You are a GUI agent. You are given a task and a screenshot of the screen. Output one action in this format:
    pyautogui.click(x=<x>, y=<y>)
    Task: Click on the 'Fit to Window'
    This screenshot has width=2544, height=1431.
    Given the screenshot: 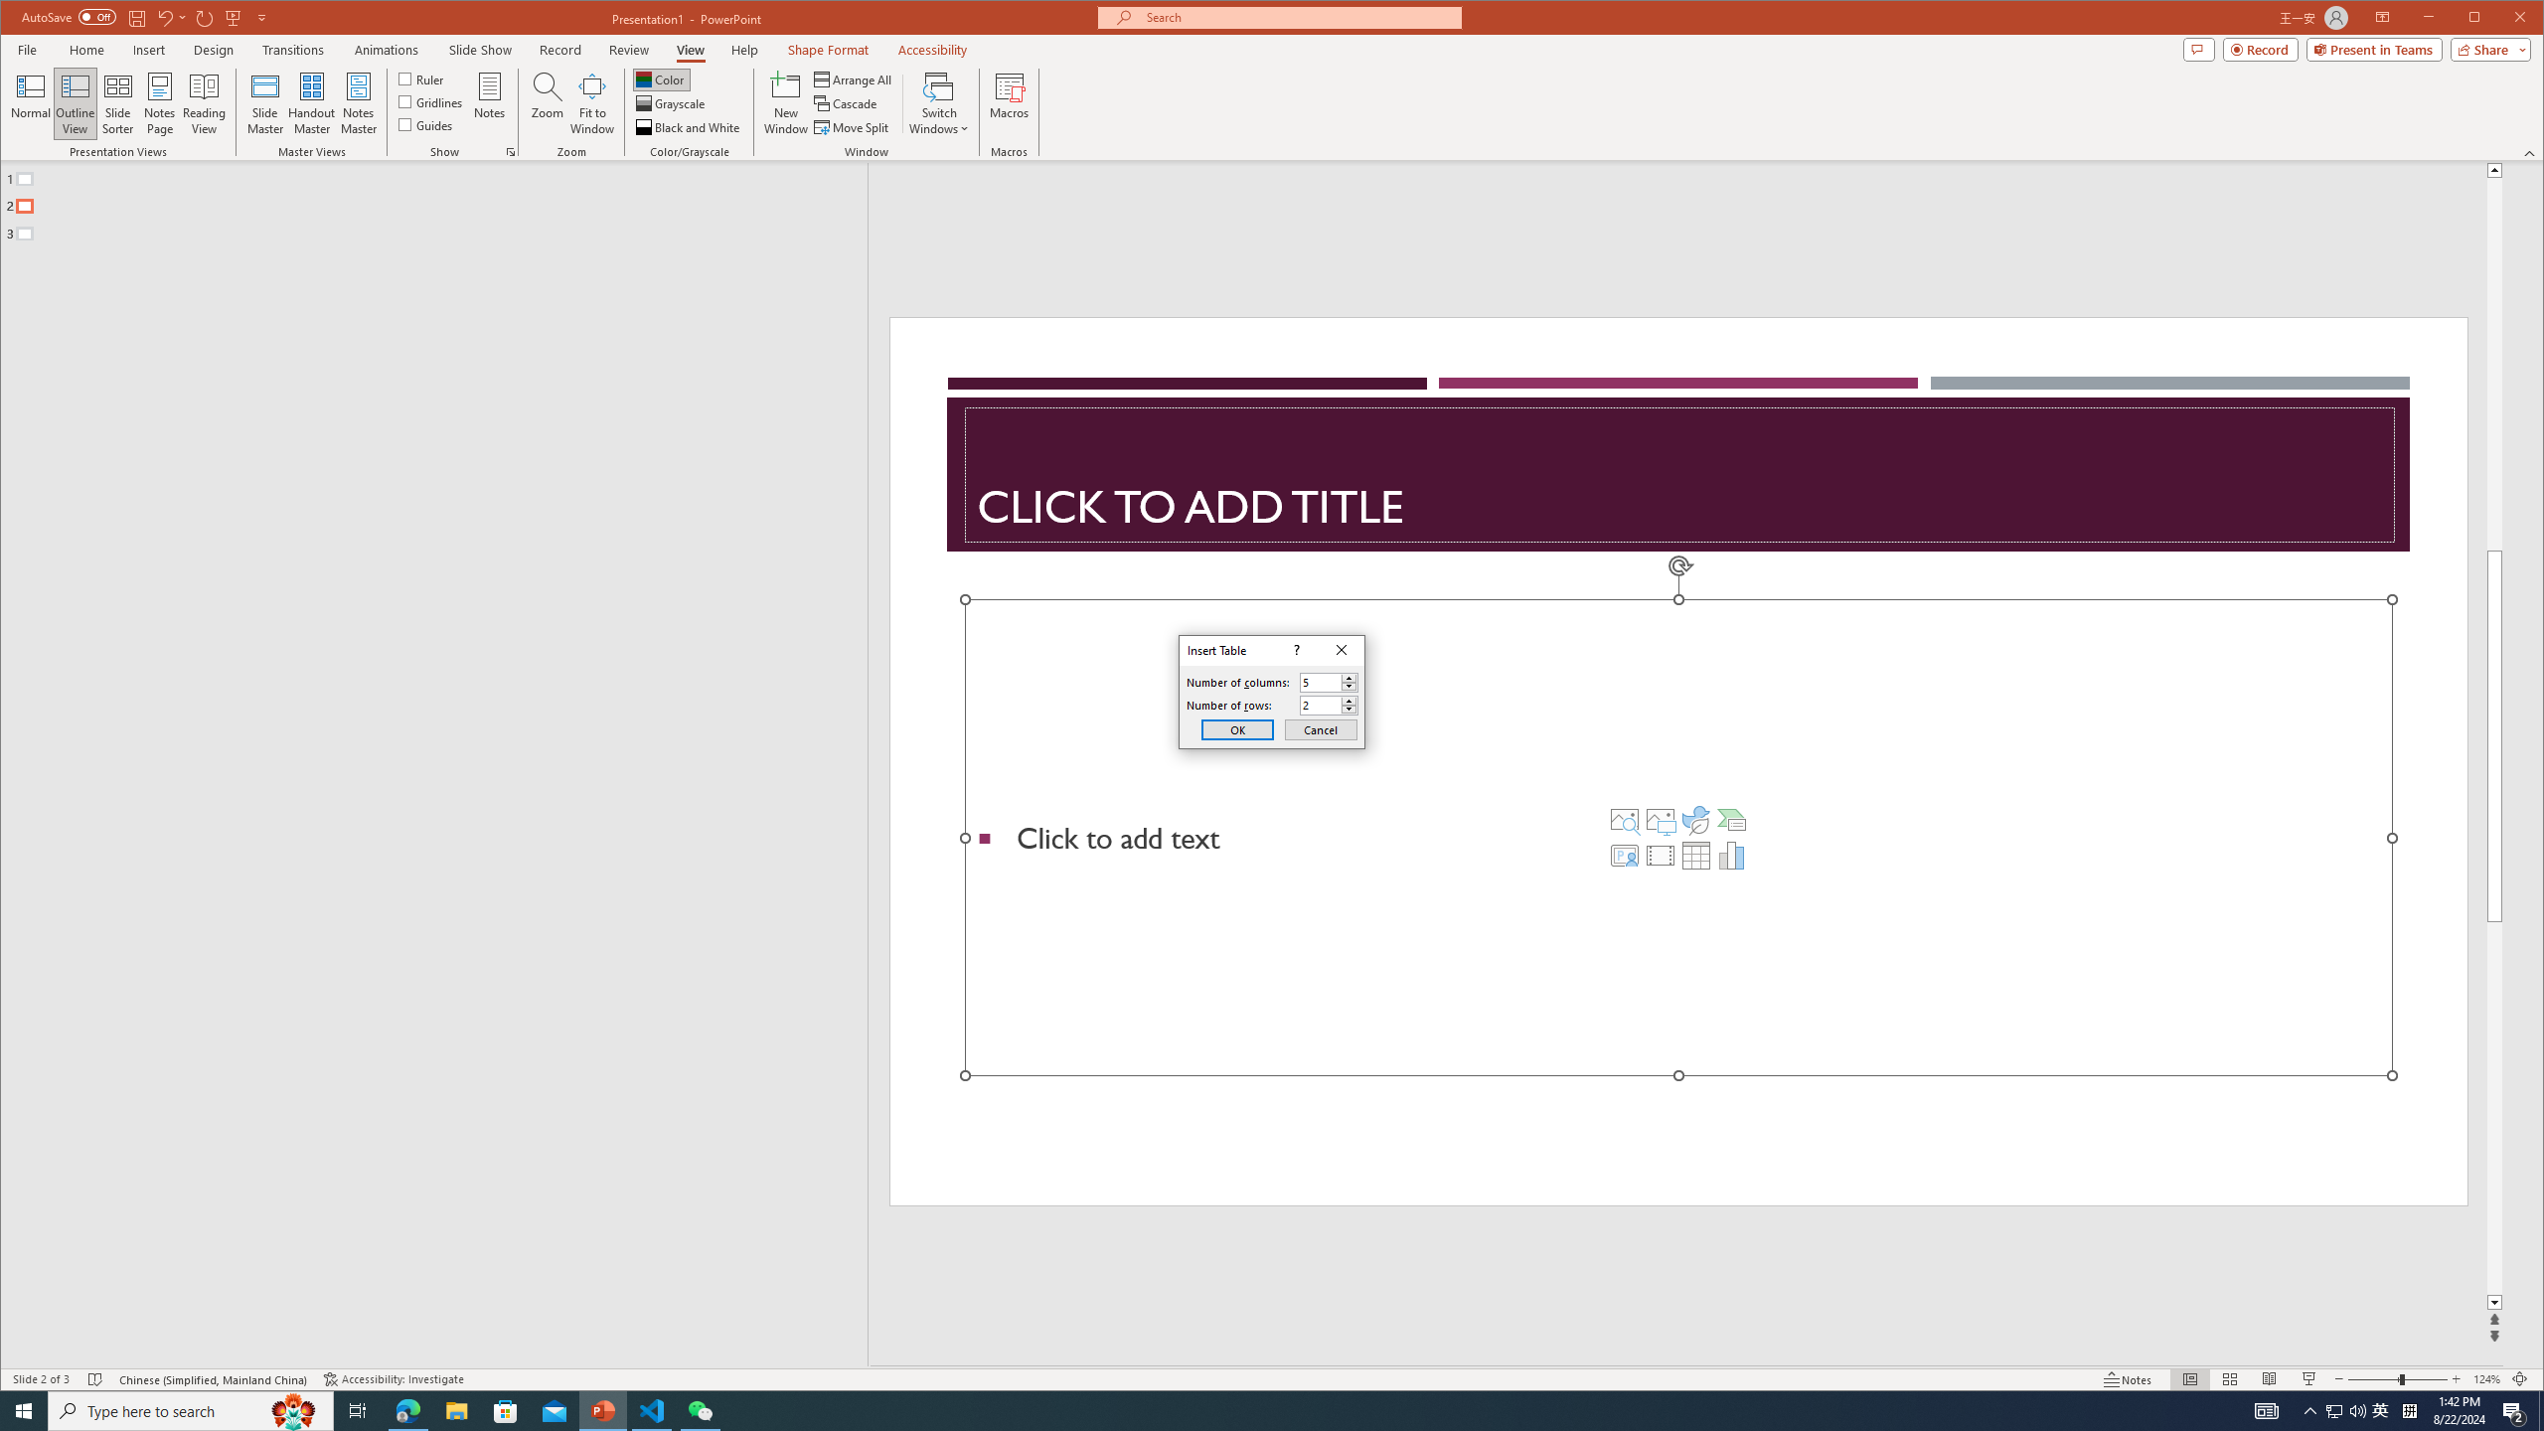 What is the action you would take?
    pyautogui.click(x=591, y=102)
    